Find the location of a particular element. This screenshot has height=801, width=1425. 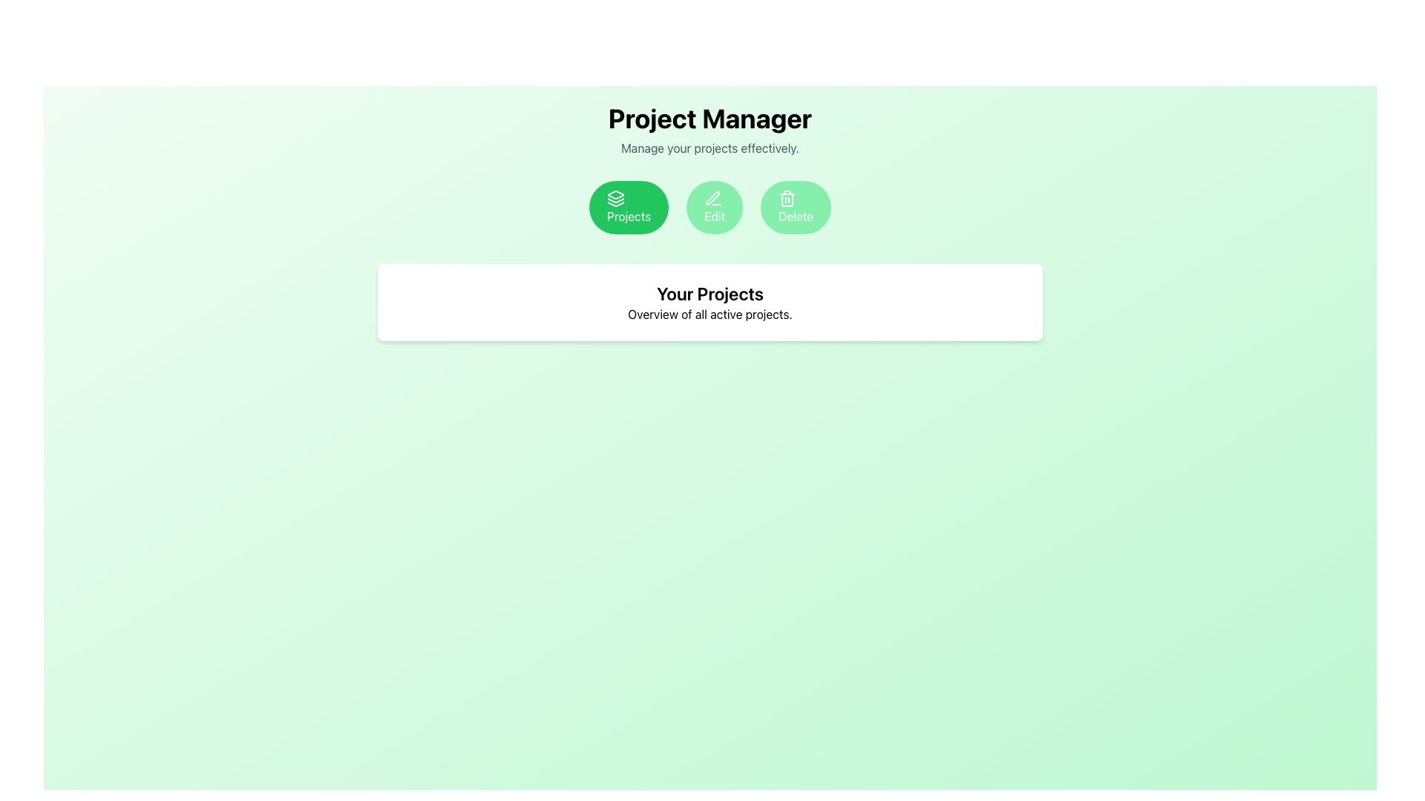

the triangular icon within the 'Projects' button located at the top-left of the icon layout on the toolbar is located at coordinates (616, 194).